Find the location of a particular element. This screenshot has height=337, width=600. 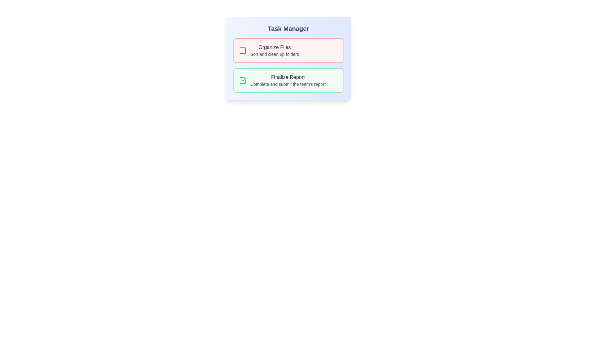

the textual UI element titled 'Organize Files' which contains descriptive text 'Sort and clean up folders', located in the upper section of the interface against a light red background is located at coordinates (274, 50).